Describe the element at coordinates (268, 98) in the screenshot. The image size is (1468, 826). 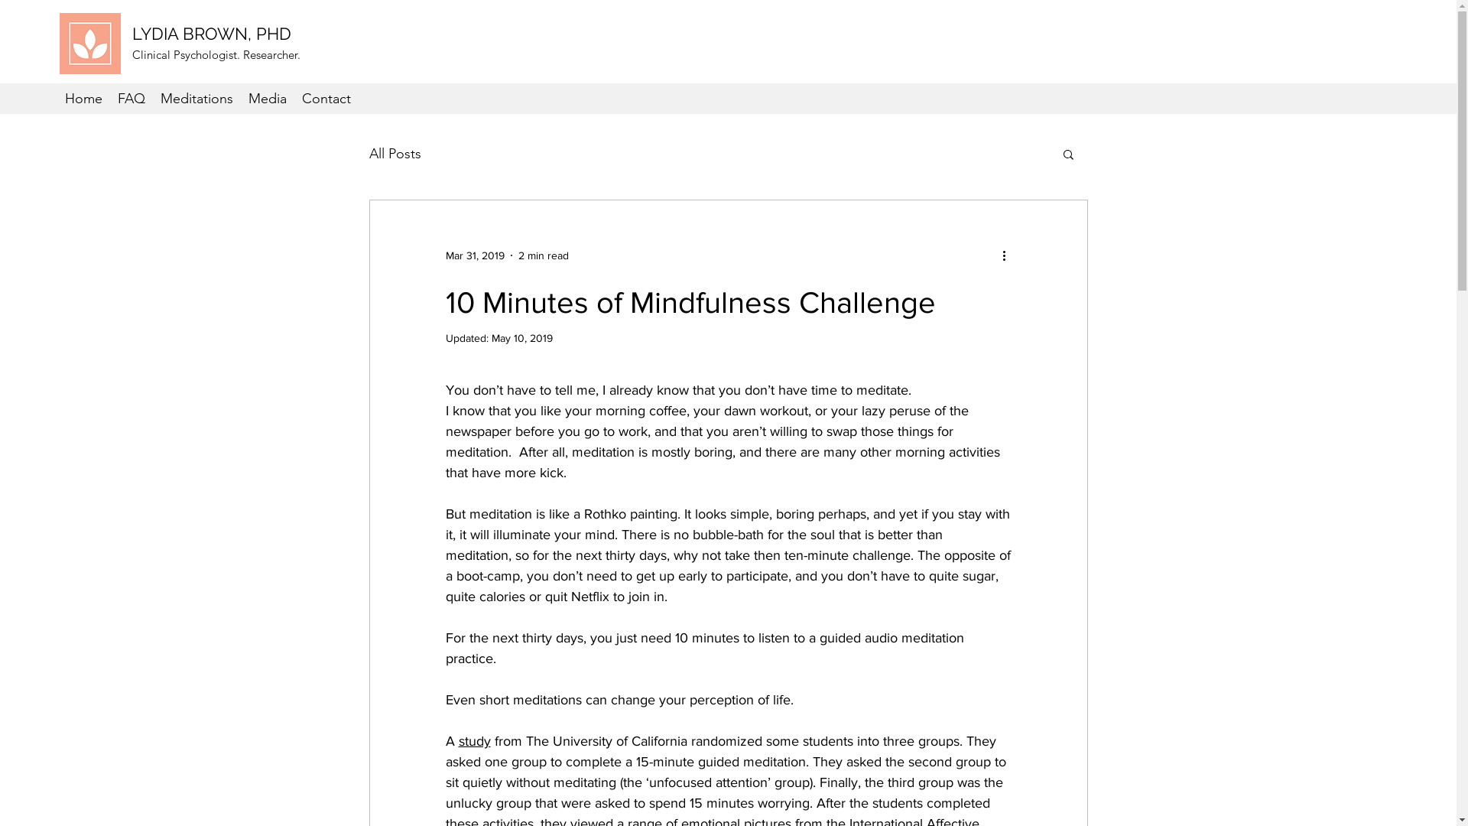
I see `'Media'` at that location.